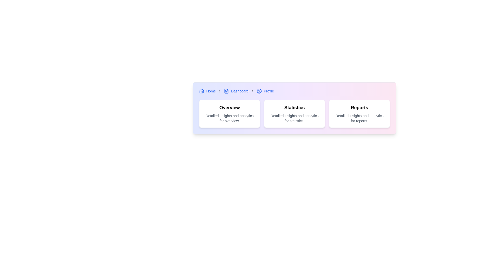  What do you see at coordinates (259, 91) in the screenshot?
I see `the 'Profile' icon in the breadcrumb navigation` at bounding box center [259, 91].